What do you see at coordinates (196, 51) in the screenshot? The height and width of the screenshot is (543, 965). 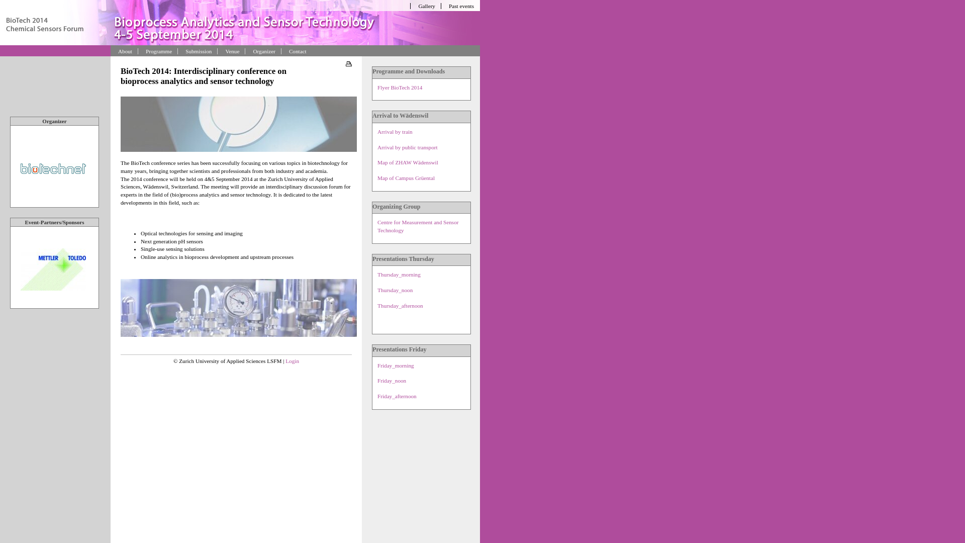 I see `'Submission'` at bounding box center [196, 51].